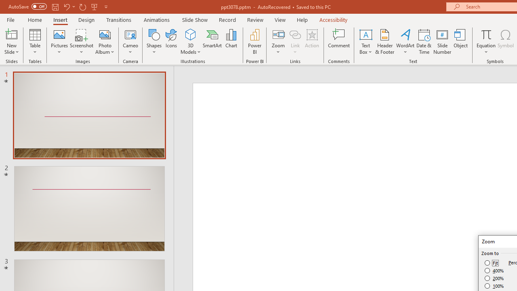 This screenshot has width=517, height=291. Describe the element at coordinates (190, 42) in the screenshot. I see `'3D Models'` at that location.